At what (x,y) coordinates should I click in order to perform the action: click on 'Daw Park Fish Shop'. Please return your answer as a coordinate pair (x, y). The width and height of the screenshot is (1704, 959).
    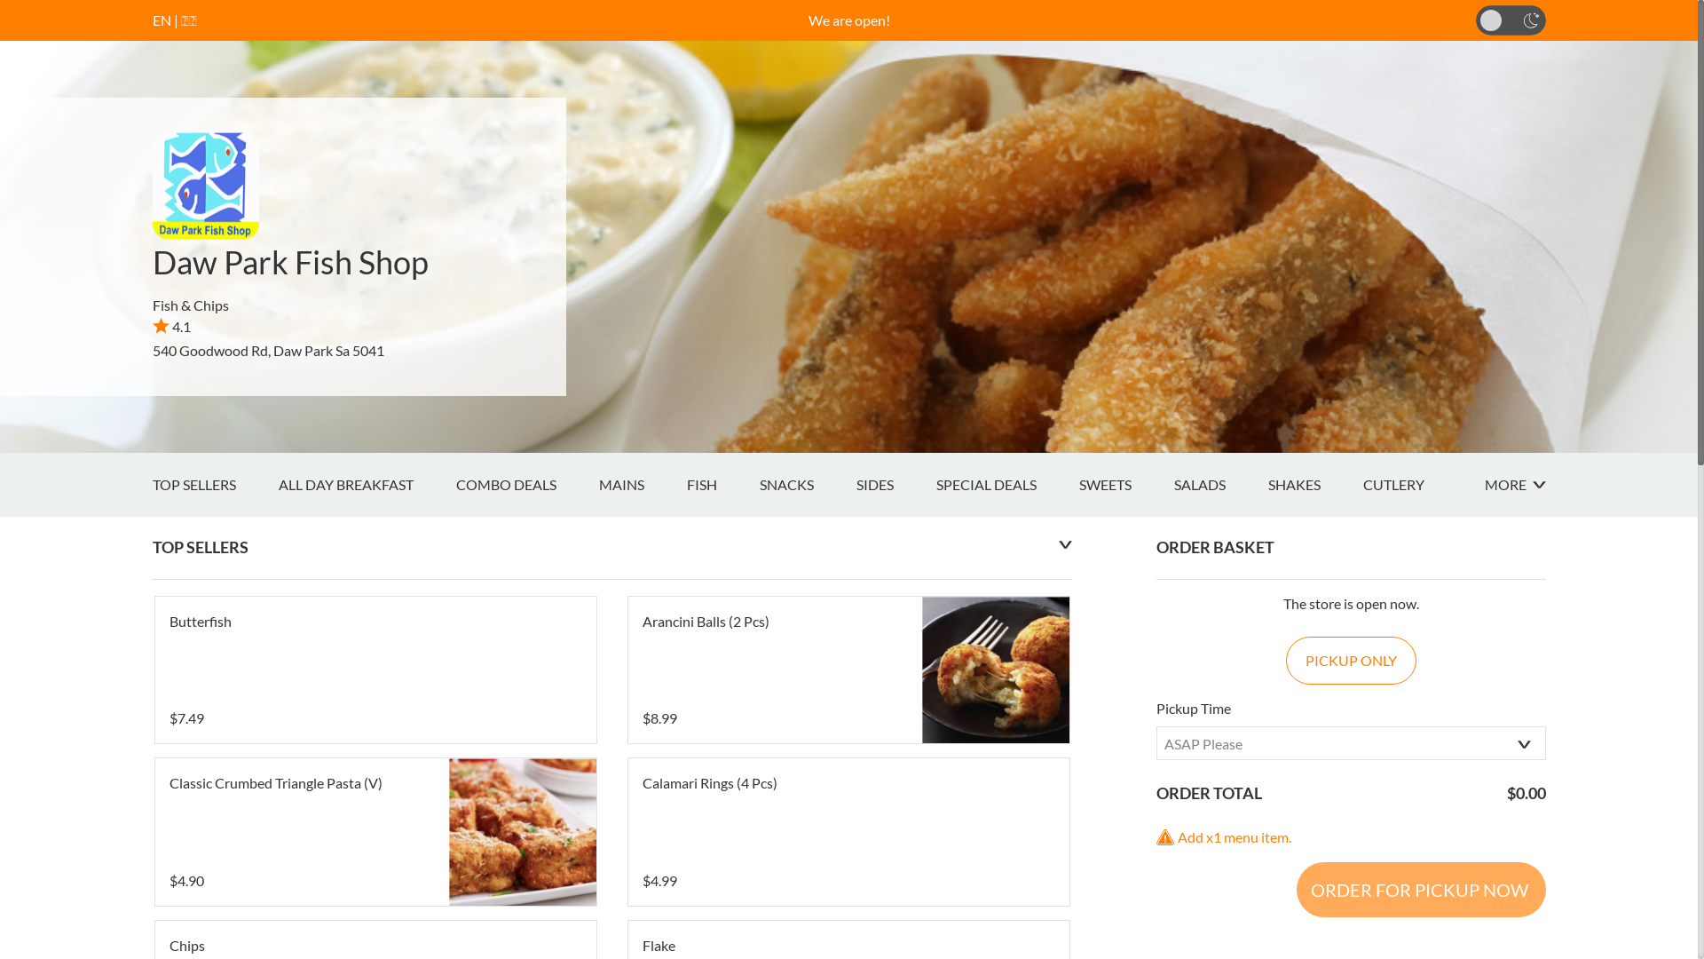
    Looking at the image, I should click on (290, 261).